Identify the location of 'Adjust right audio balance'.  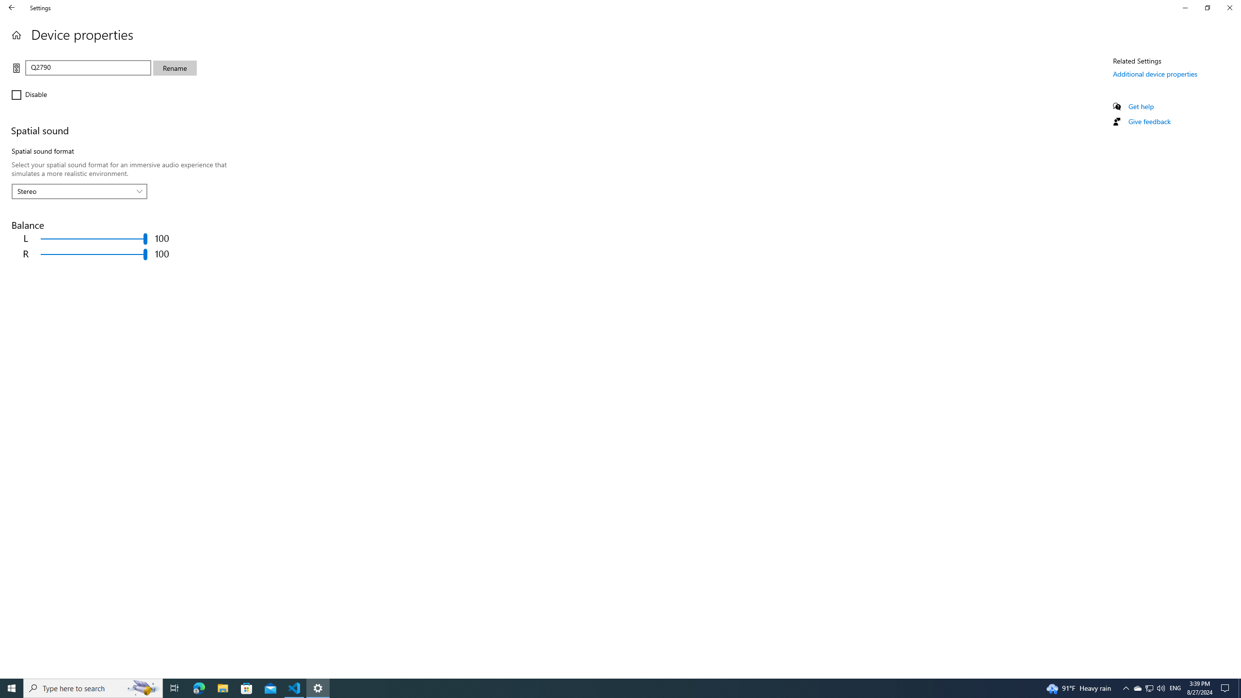
(94, 254).